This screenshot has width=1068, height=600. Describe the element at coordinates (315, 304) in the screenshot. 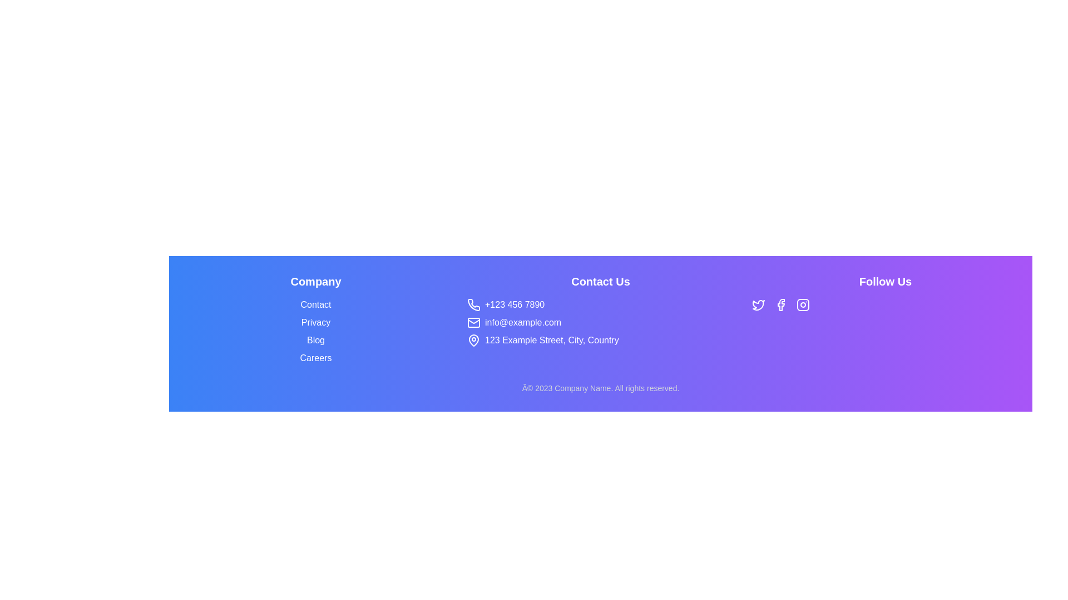

I see `the text label under the 'Company' header in the footer section` at that location.